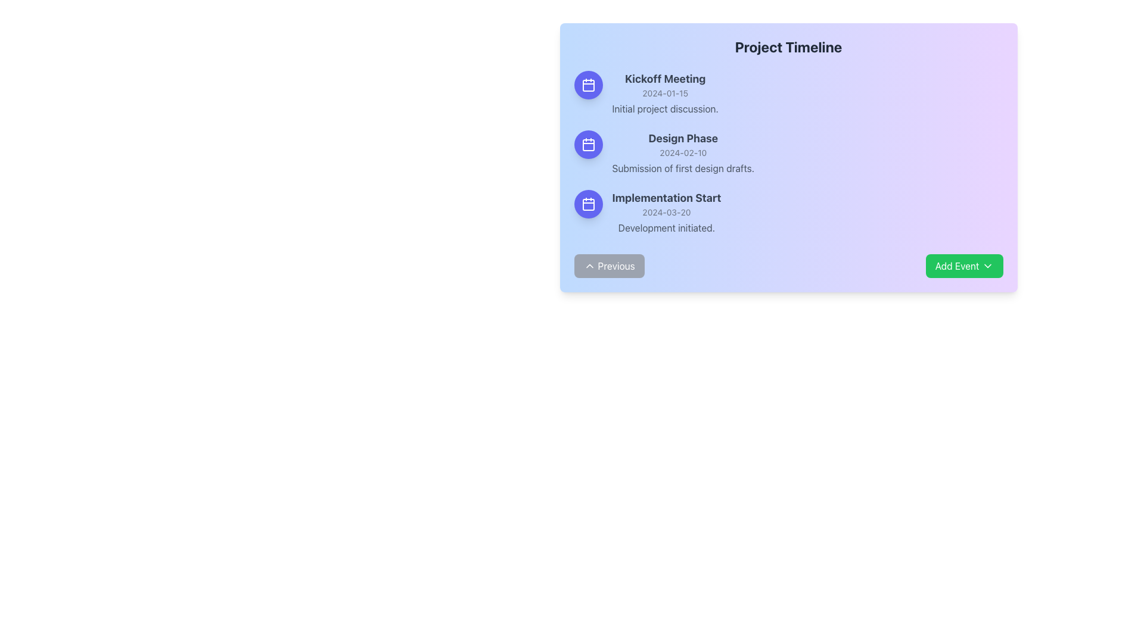 The image size is (1144, 643). What do you see at coordinates (666, 212) in the screenshot?
I see `the text block displaying the date '2024-03-20', which is styled in gray and positioned between 'Implementation Start' and 'Development initiated'` at bounding box center [666, 212].